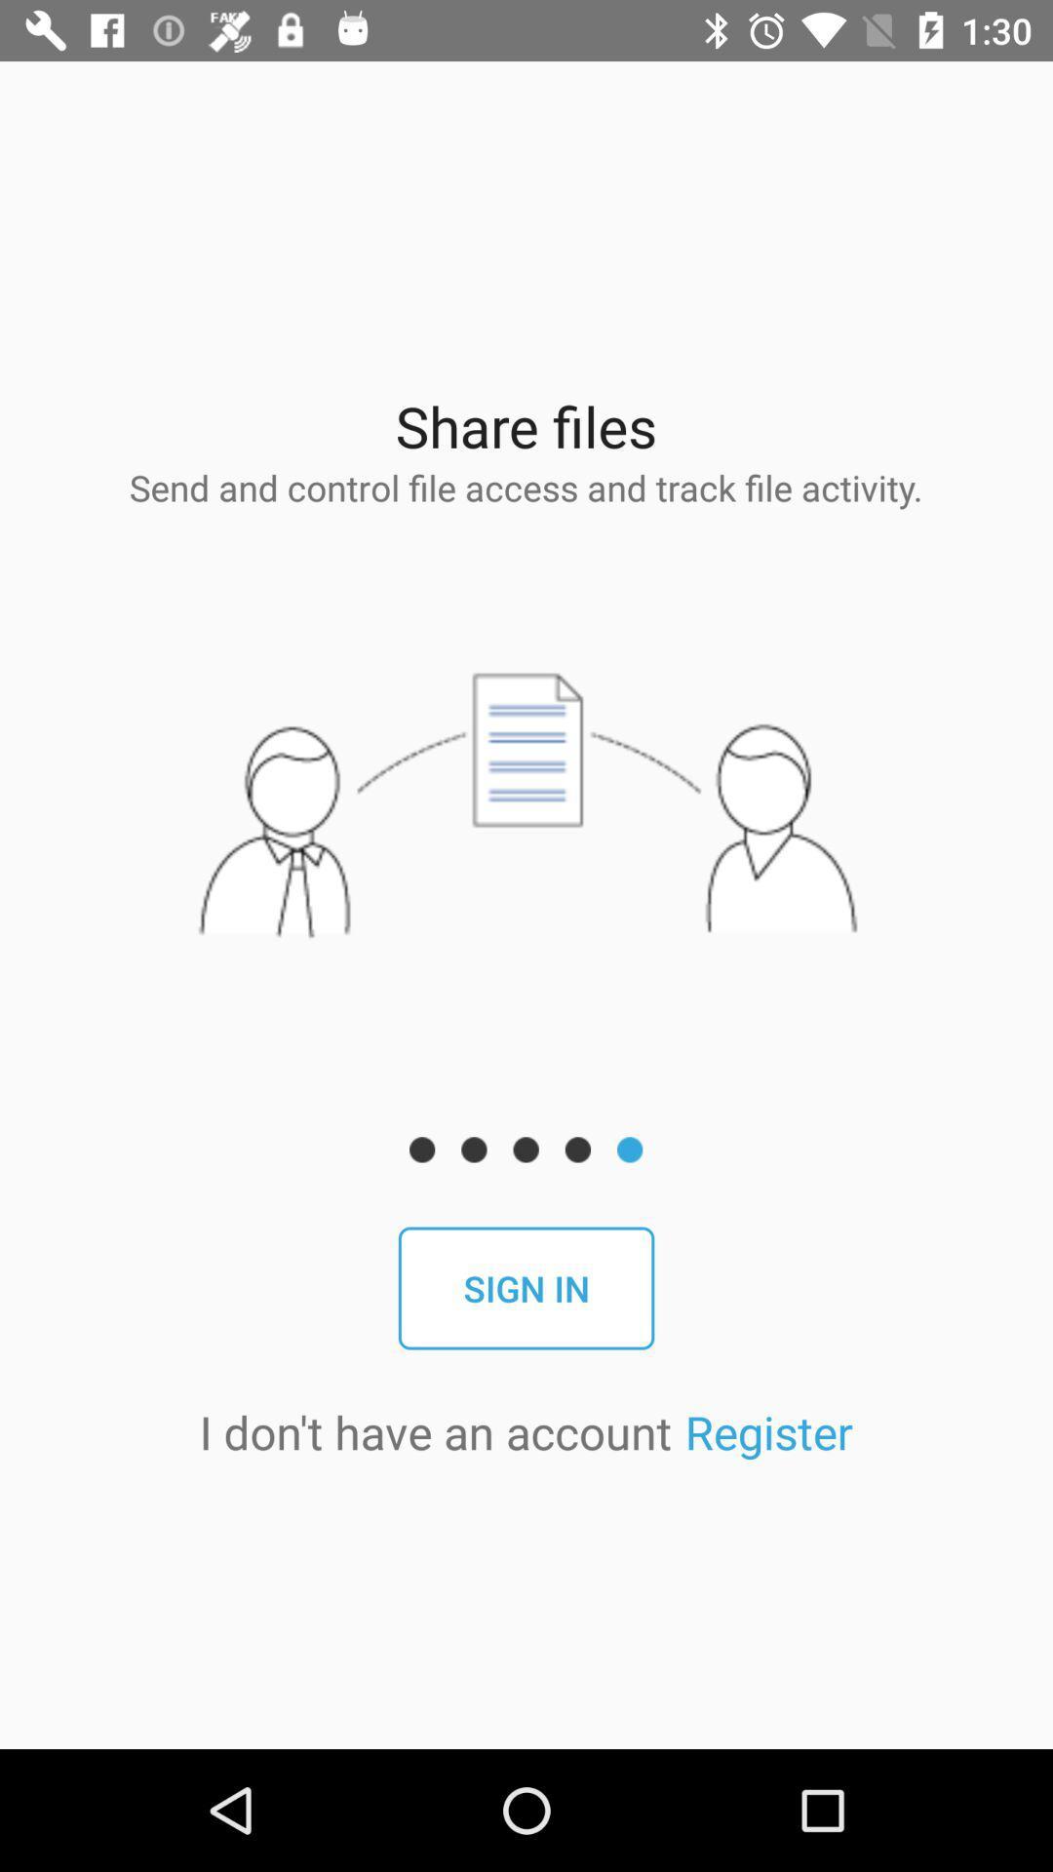 The height and width of the screenshot is (1872, 1053). What do you see at coordinates (767, 1431) in the screenshot?
I see `the app next to i don t app` at bounding box center [767, 1431].